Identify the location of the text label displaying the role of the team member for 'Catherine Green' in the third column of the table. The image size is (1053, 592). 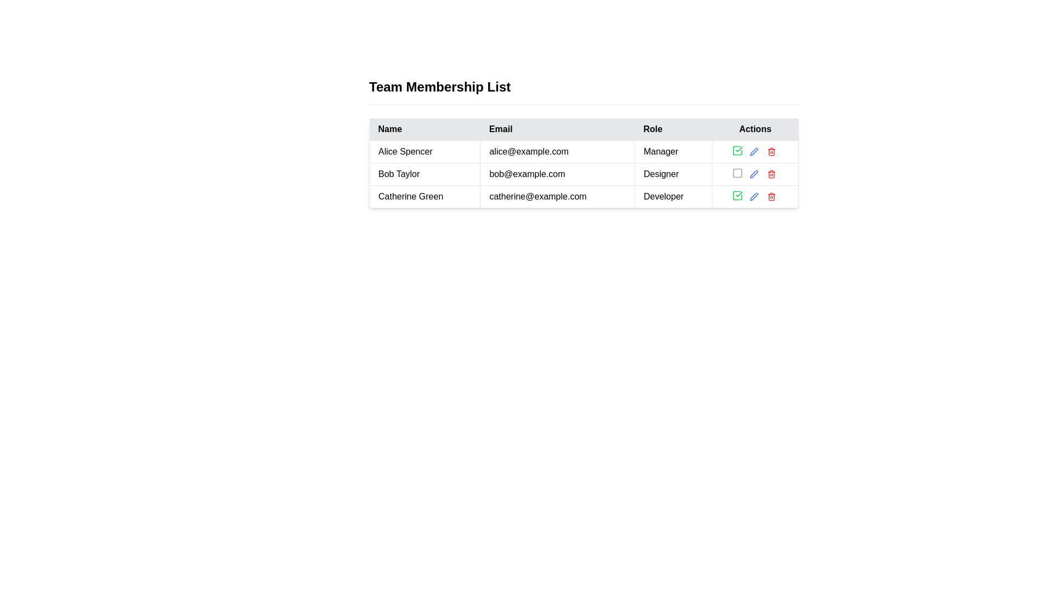
(673, 196).